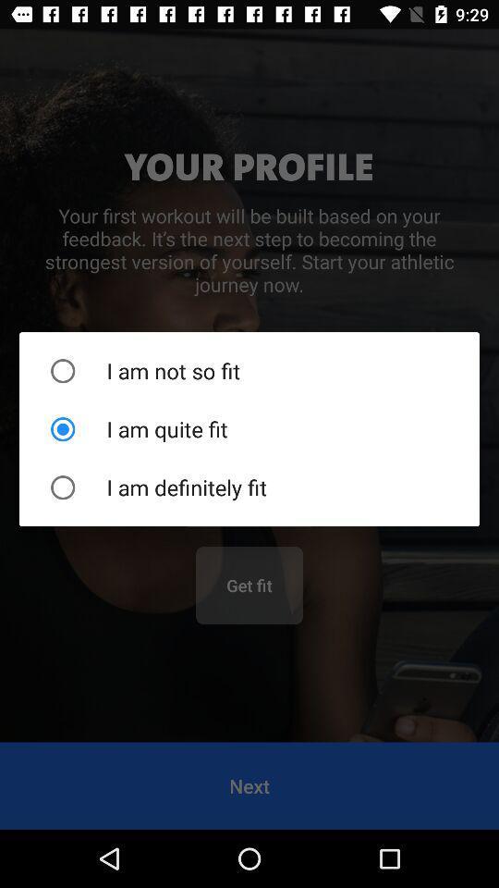 Image resolution: width=499 pixels, height=888 pixels. What do you see at coordinates (249, 585) in the screenshot?
I see `the button above next` at bounding box center [249, 585].